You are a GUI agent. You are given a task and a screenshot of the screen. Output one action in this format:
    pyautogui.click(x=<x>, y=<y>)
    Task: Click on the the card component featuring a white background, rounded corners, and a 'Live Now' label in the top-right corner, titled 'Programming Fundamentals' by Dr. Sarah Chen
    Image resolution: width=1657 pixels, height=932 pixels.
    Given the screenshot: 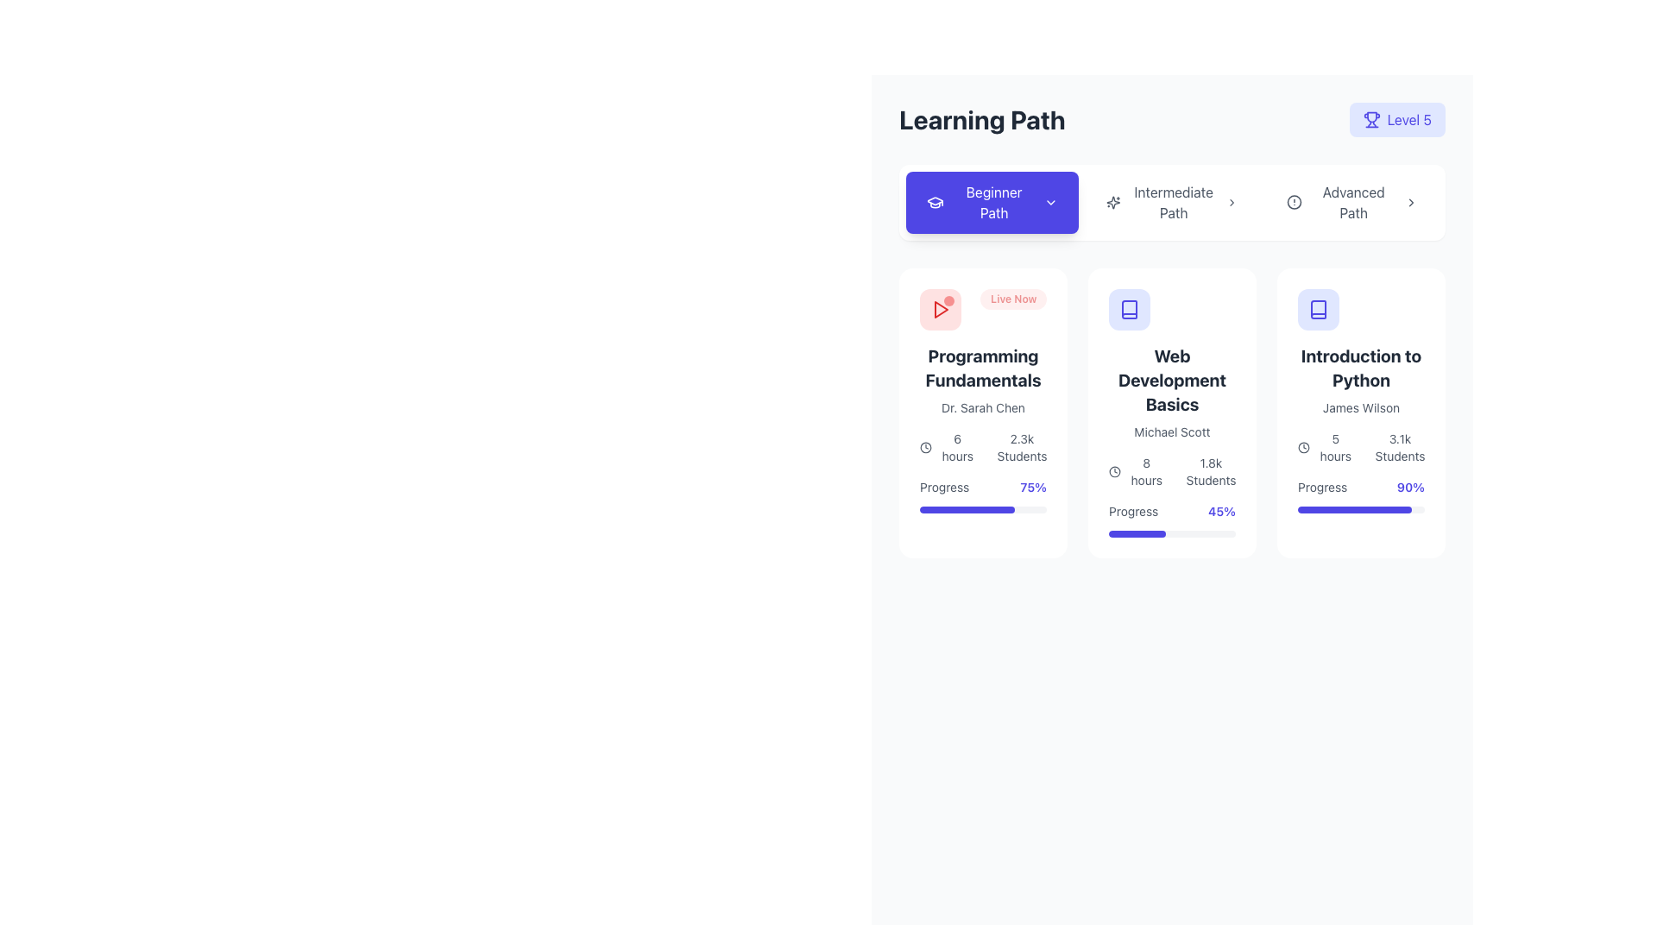 What is the action you would take?
    pyautogui.click(x=983, y=412)
    